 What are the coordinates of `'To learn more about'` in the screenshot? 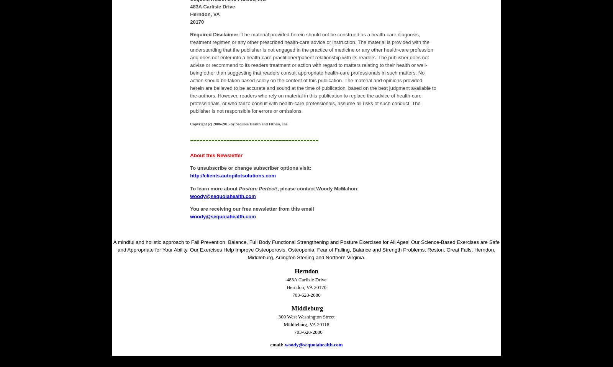 It's located at (214, 188).